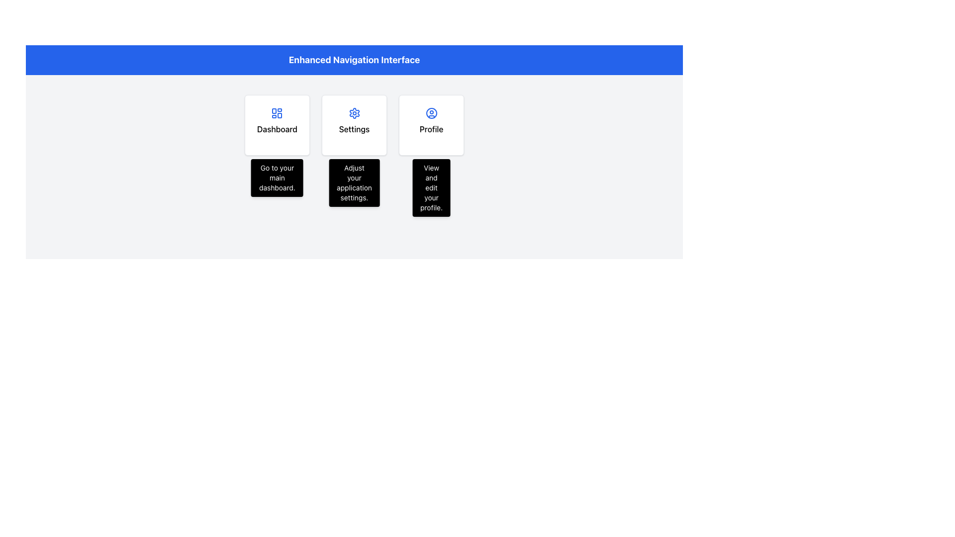 The image size is (955, 537). I want to click on the 'Dashboard' button, which has a white background, a grid icon, and displays the tooltip 'Go to your main dashboard.', so click(277, 124).